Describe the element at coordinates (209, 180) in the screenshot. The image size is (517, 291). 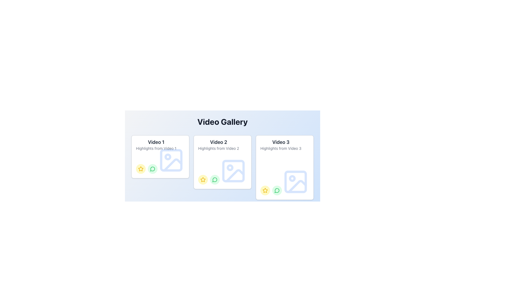
I see `the chat bubble button in the Interactive Button Group located at the bottom-left corner of the 'Video 2' card to comment` at that location.